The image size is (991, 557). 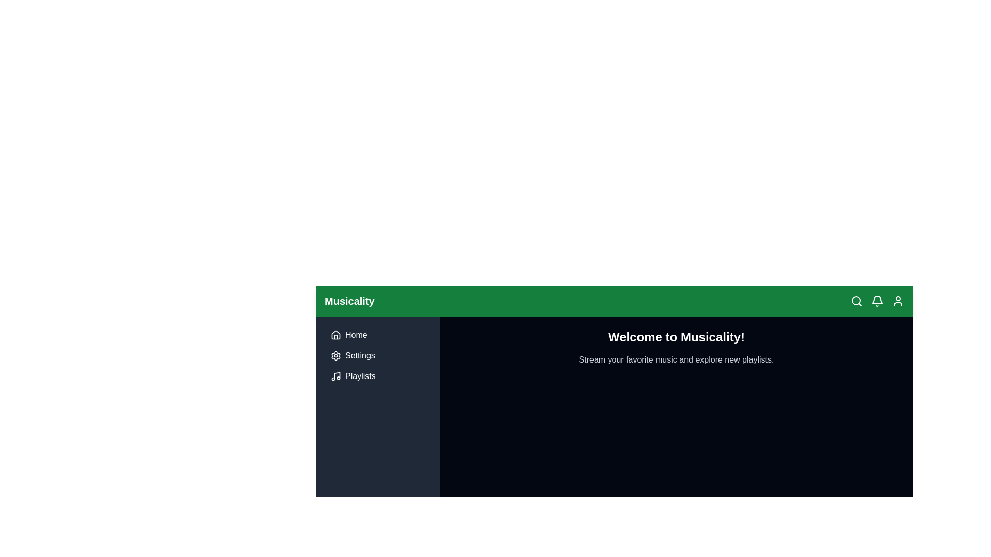 I want to click on the settings icon represented by an outer gear shape located in the upper-left corner of the interface, so click(x=336, y=355).